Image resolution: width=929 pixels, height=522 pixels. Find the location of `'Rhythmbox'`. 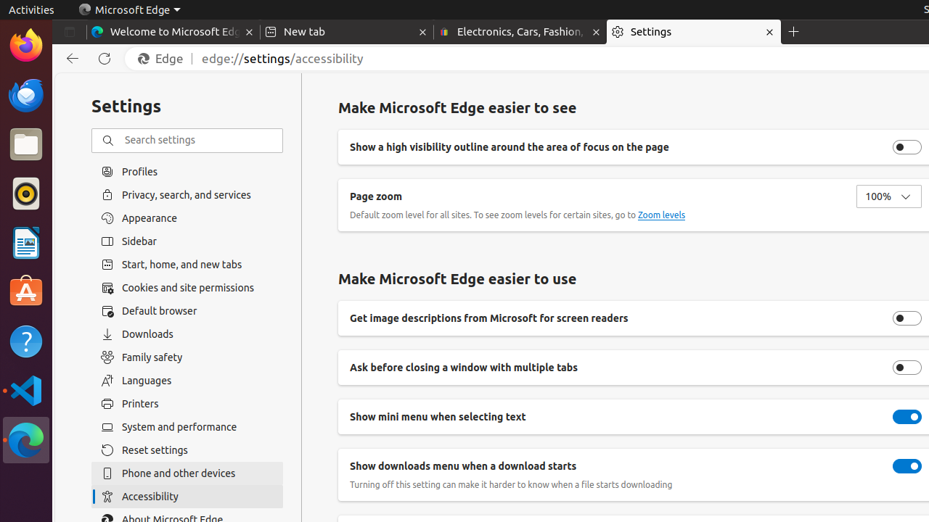

'Rhythmbox' is located at coordinates (25, 192).